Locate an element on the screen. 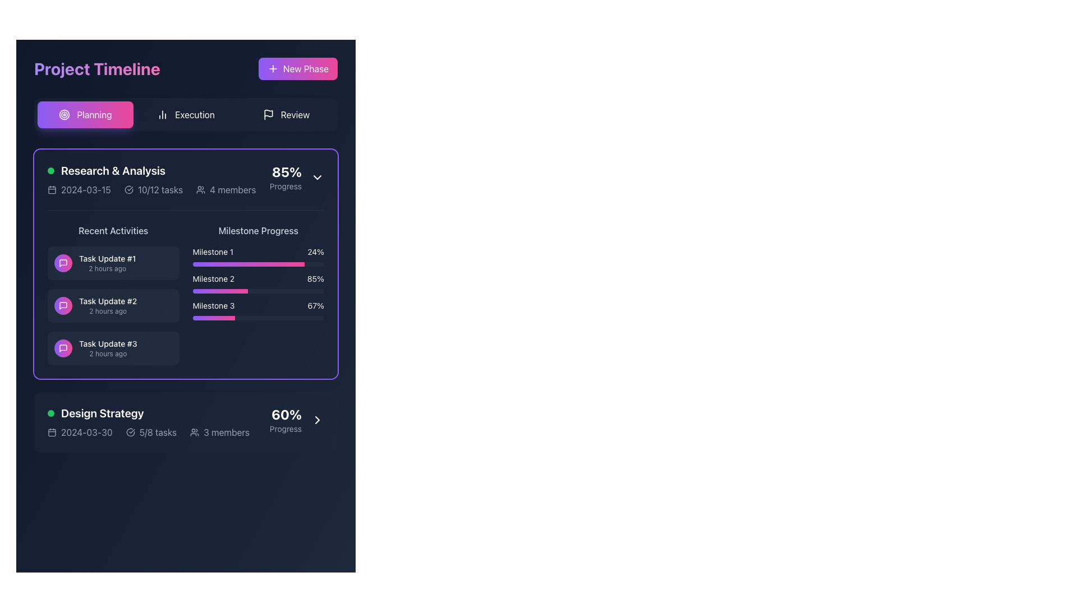 Image resolution: width=1077 pixels, height=605 pixels. the label displaying '24%' that signifies milestone completion percentage, located in the 'Research & Analysis' card next to the pink milestone progress bar is located at coordinates (315, 252).